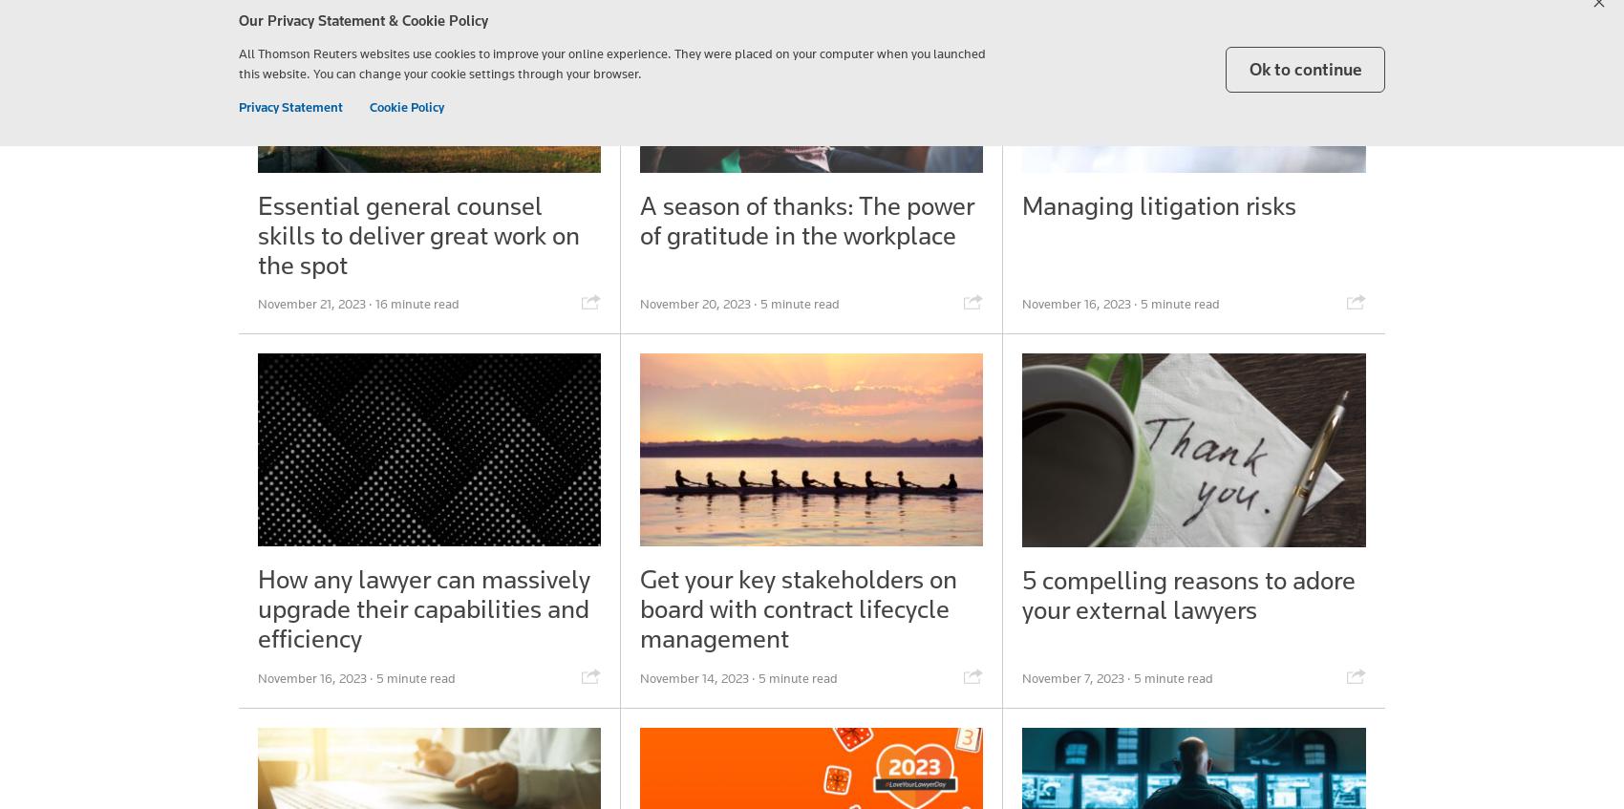 This screenshot has width=1624, height=809. I want to click on 'Essential general counsel skills to deliver great work on the spot', so click(418, 233).